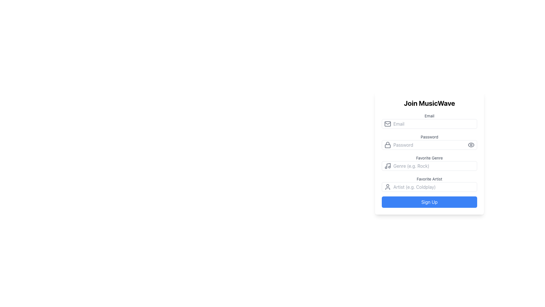  Describe the element at coordinates (471, 144) in the screenshot. I see `the password visibility toggle button represented by an eye icon` at that location.